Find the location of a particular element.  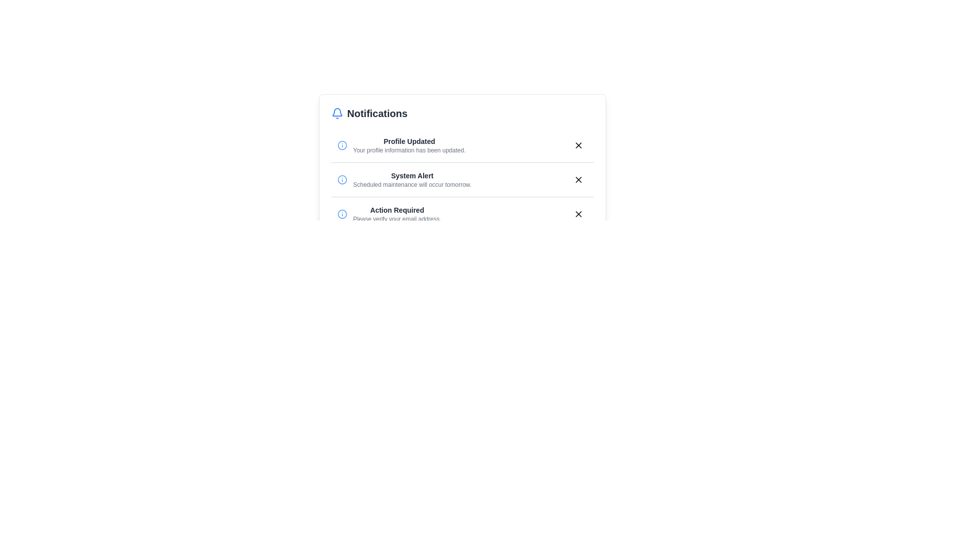

notification details from the text group informing about a scheduled system maintenance event, which is the second entry in the list of alerts is located at coordinates (412, 180).